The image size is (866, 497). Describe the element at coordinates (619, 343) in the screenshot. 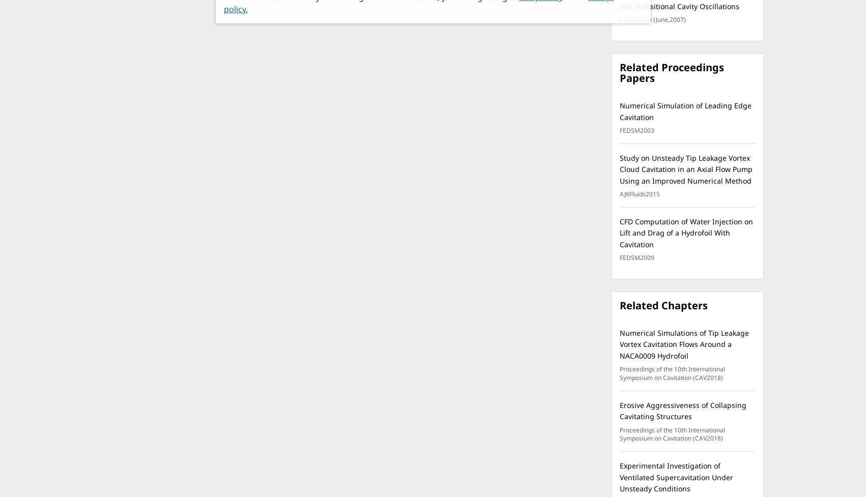

I see `'Numerical Simulations of Tip Leakage Vortex Cavitation Flows Around a NACA0009 Hydrofoil'` at that location.